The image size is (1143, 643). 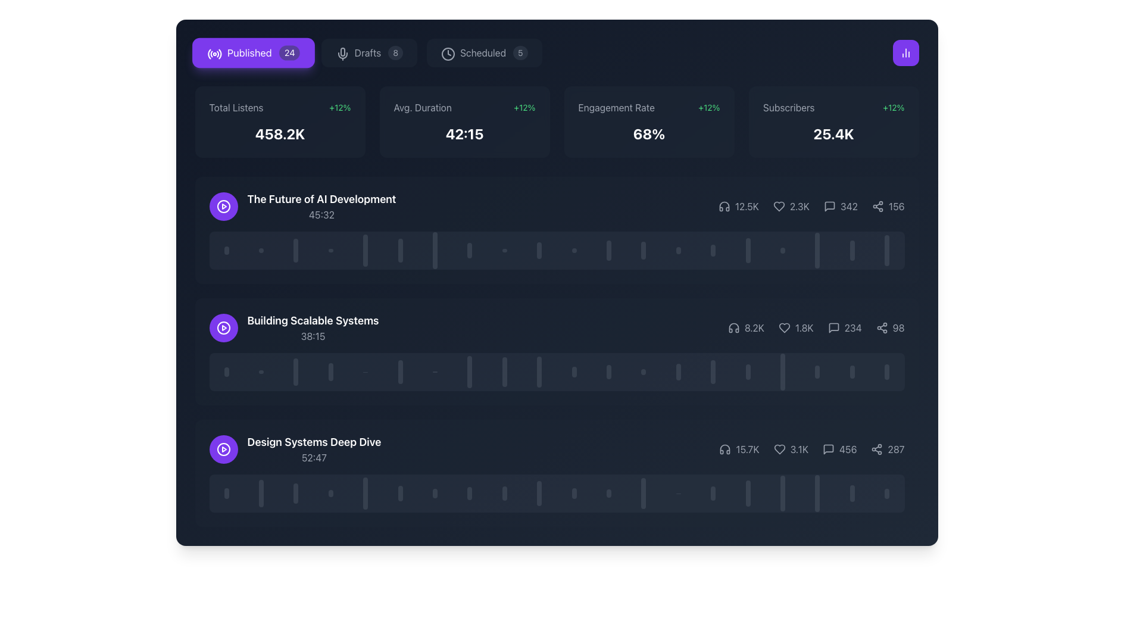 I want to click on the text displaying the count or statistic related to the adjacent sharing or network-related icon, located towards the lower right corner of the interface, so click(x=888, y=450).